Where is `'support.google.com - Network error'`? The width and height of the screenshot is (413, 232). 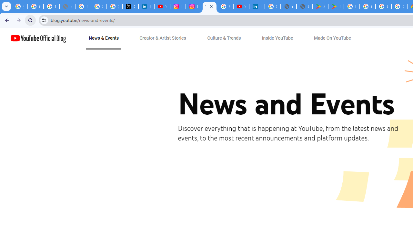 'support.google.com - Network error' is located at coordinates (67, 6).